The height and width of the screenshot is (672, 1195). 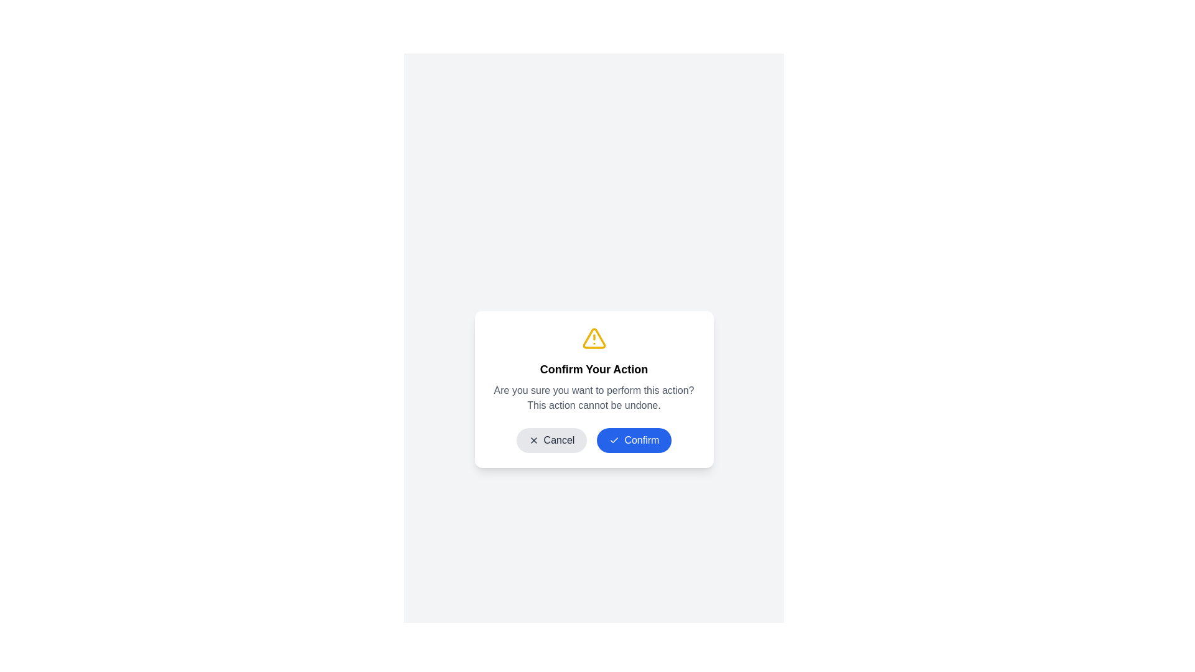 I want to click on the 'Cancel' button with rounded edges, light gray background, and black text, located within the confirmation dialog box, to observe a color change, so click(x=551, y=440).